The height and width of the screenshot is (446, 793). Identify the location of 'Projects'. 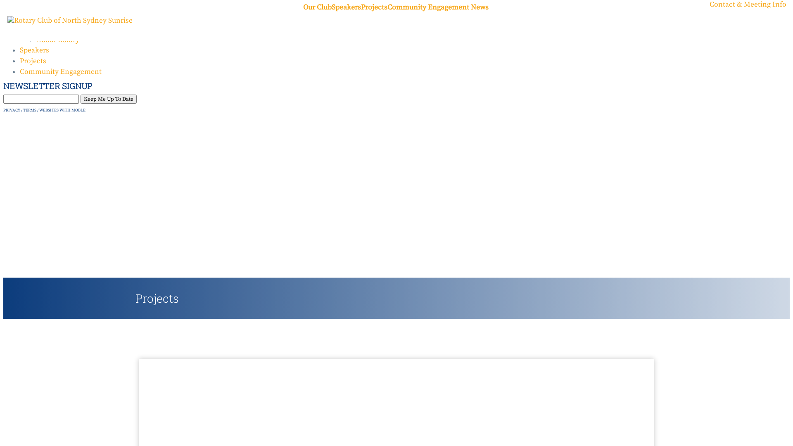
(374, 8).